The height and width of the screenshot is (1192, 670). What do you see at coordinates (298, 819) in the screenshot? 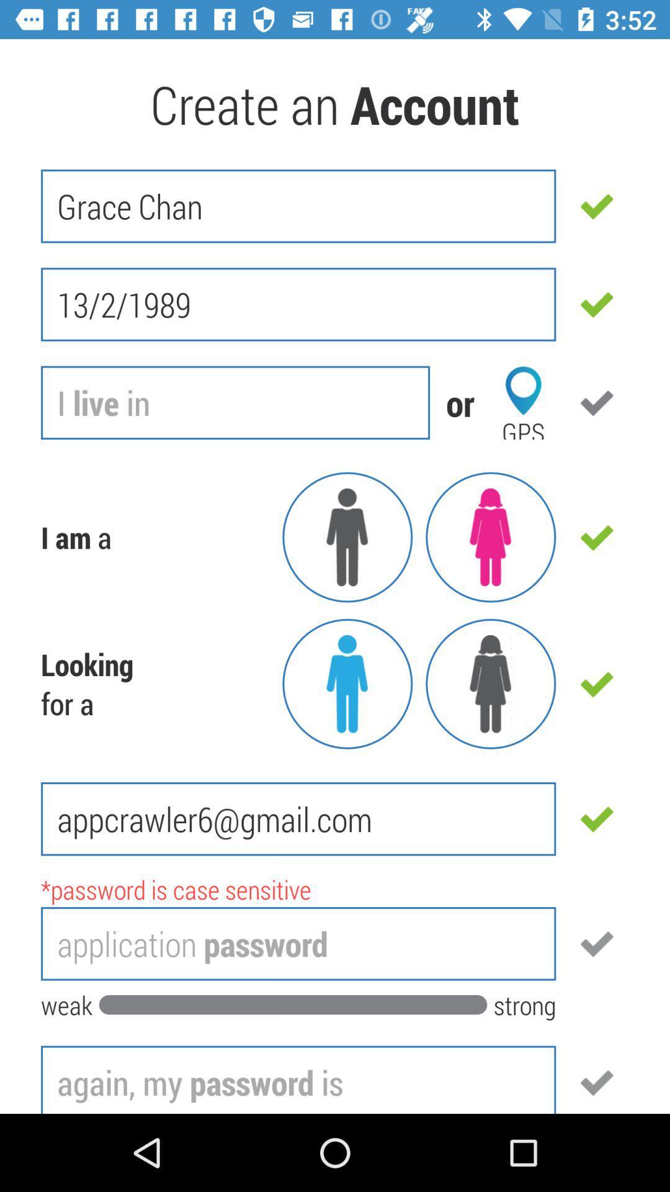
I see `appcrawler6@gmail.com item` at bounding box center [298, 819].